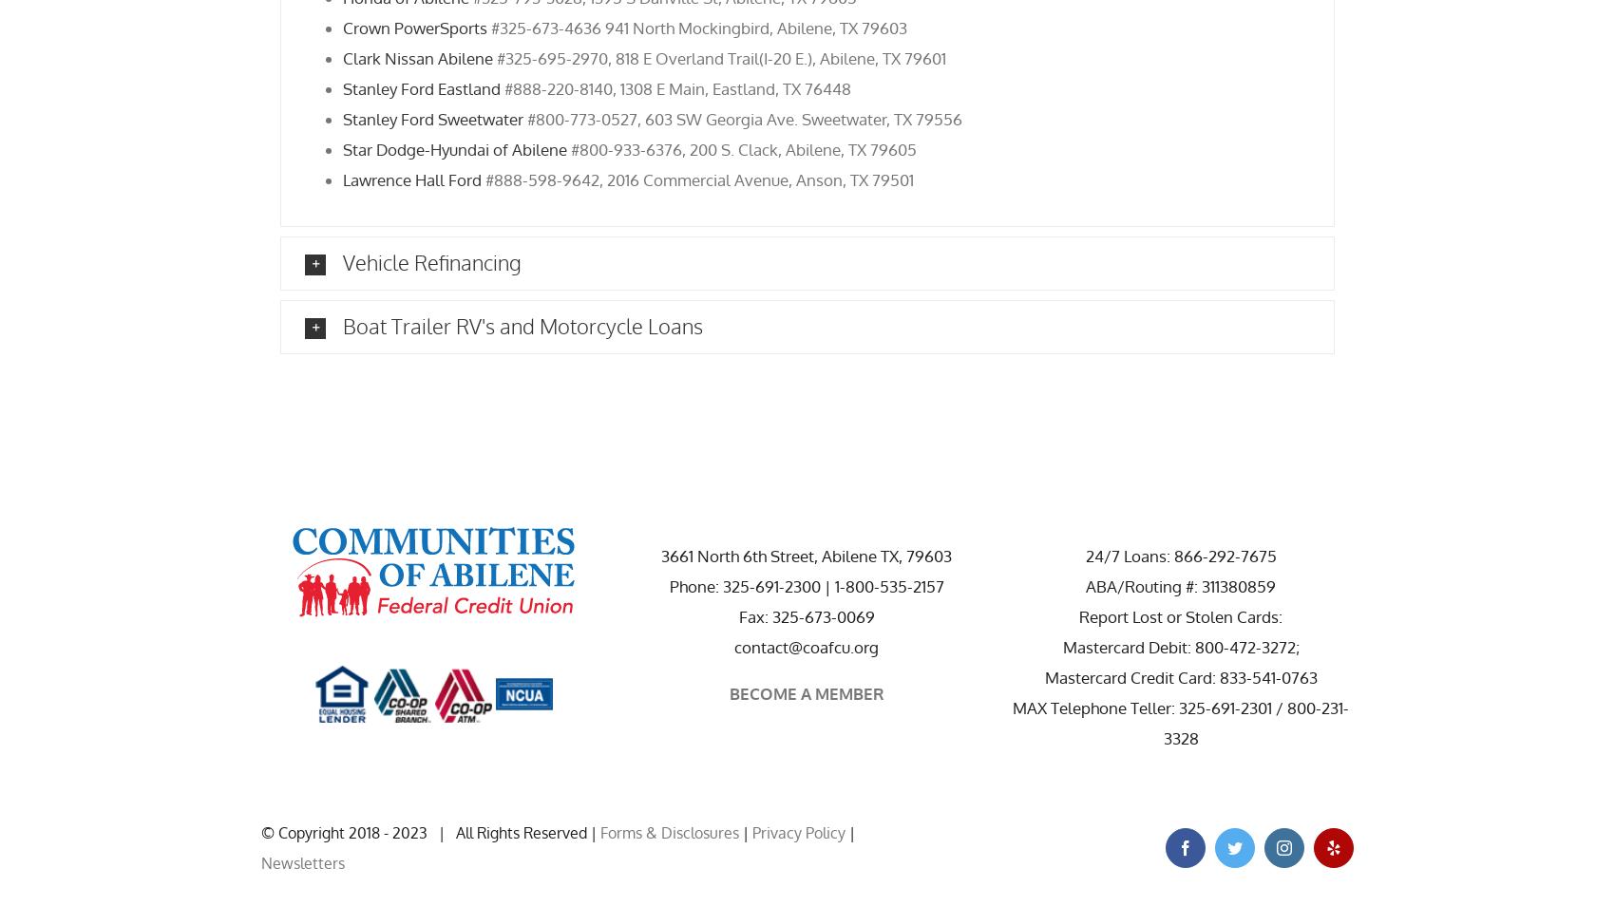 The image size is (1615, 906). I want to click on '#888-598-9642, 2016 Commercial Avenue, Anson, TX 79501', so click(697, 178).